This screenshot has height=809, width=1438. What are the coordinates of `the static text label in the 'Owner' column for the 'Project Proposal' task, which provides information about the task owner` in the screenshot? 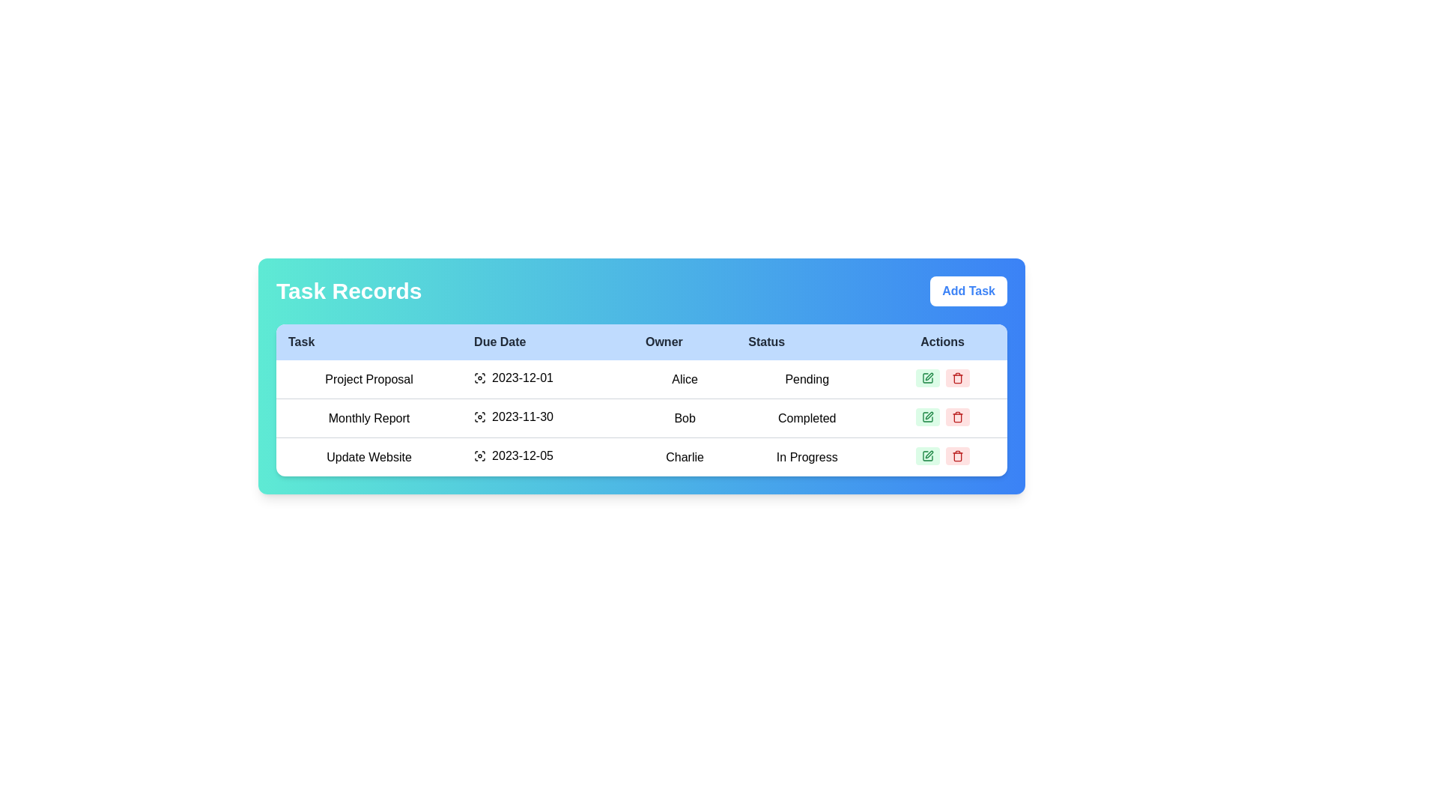 It's located at (684, 378).